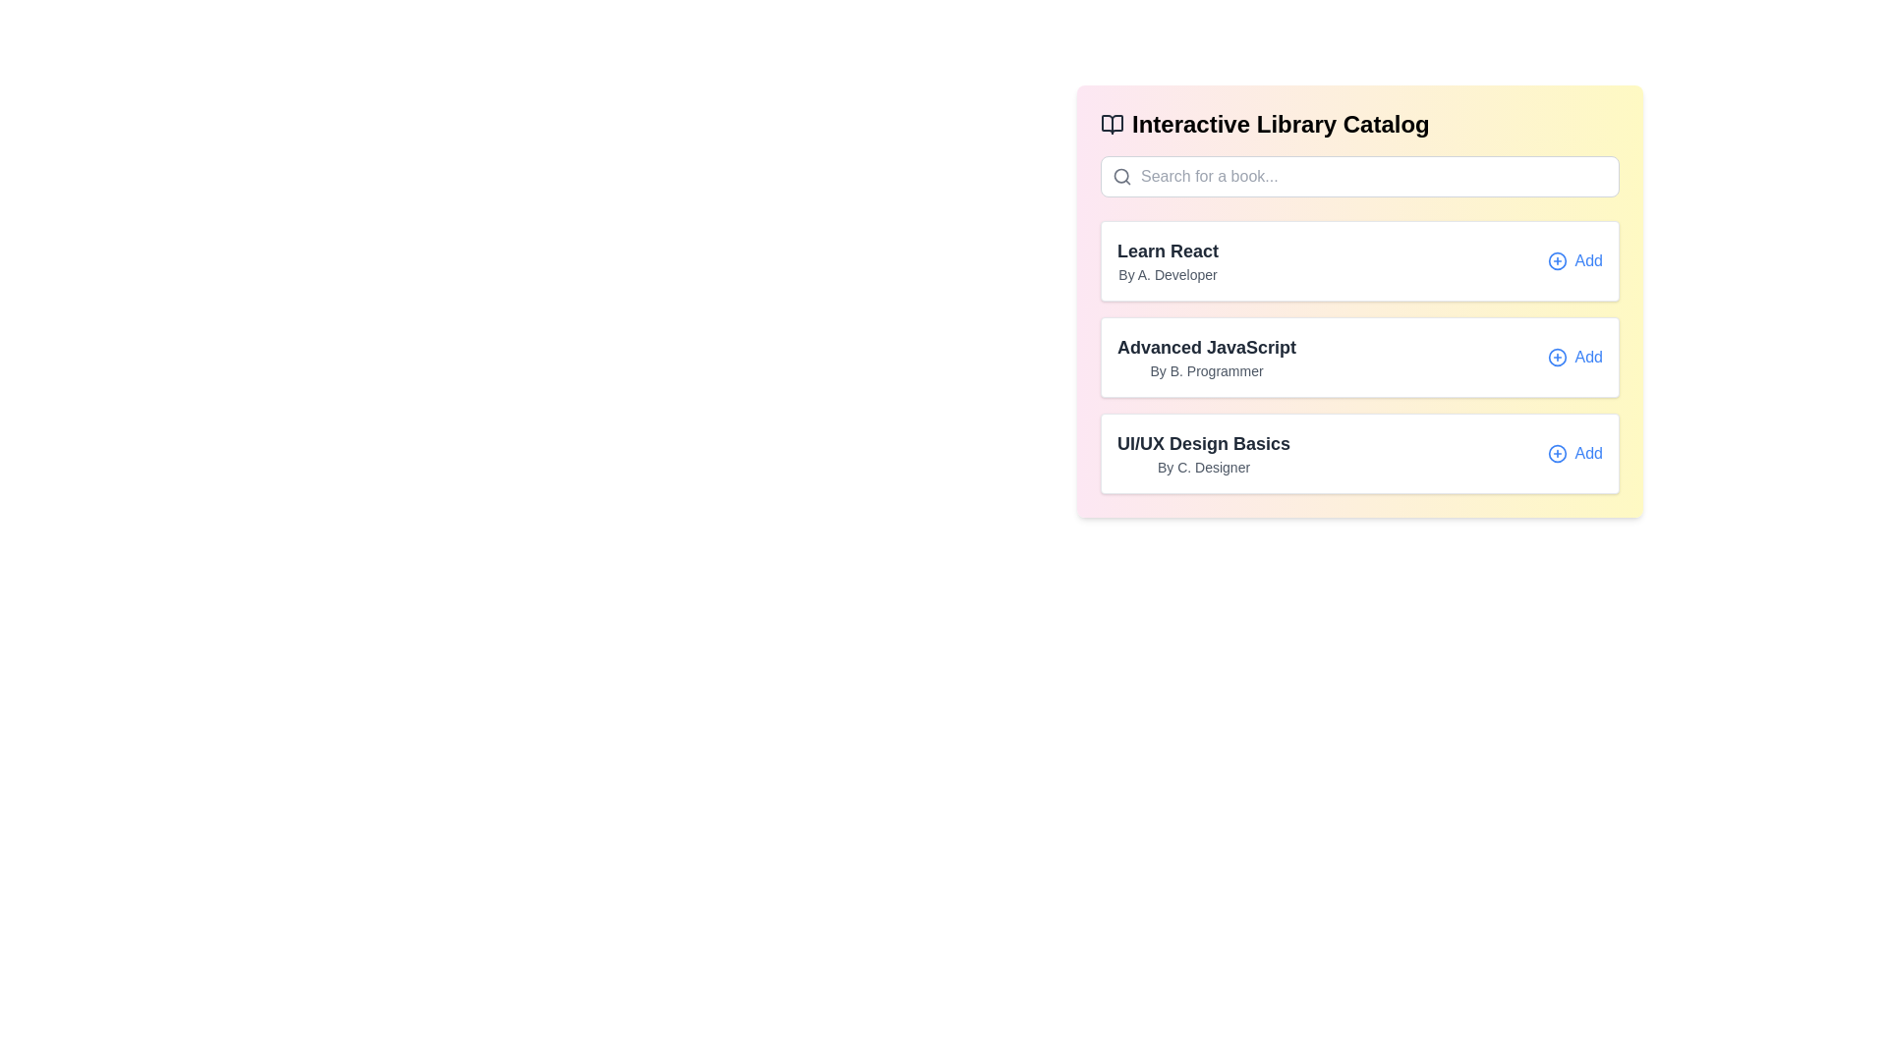 The height and width of the screenshot is (1061, 1887). Describe the element at coordinates (1556, 454) in the screenshot. I see `the 'Add' button located to the right of the 'UI/UX Design Basics' list item in the 'Interactive Library Catalog' interface` at that location.